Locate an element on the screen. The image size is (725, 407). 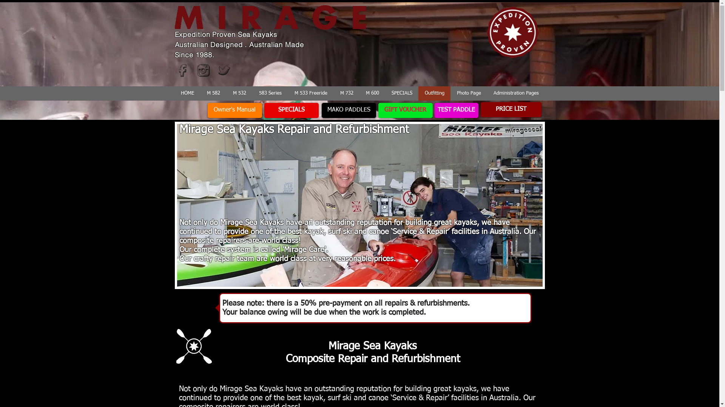
'583 Series' is located at coordinates (270, 93).